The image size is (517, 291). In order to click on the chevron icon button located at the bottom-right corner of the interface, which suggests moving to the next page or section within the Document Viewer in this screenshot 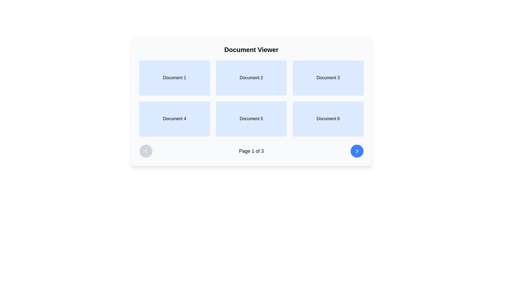, I will do `click(357, 151)`.